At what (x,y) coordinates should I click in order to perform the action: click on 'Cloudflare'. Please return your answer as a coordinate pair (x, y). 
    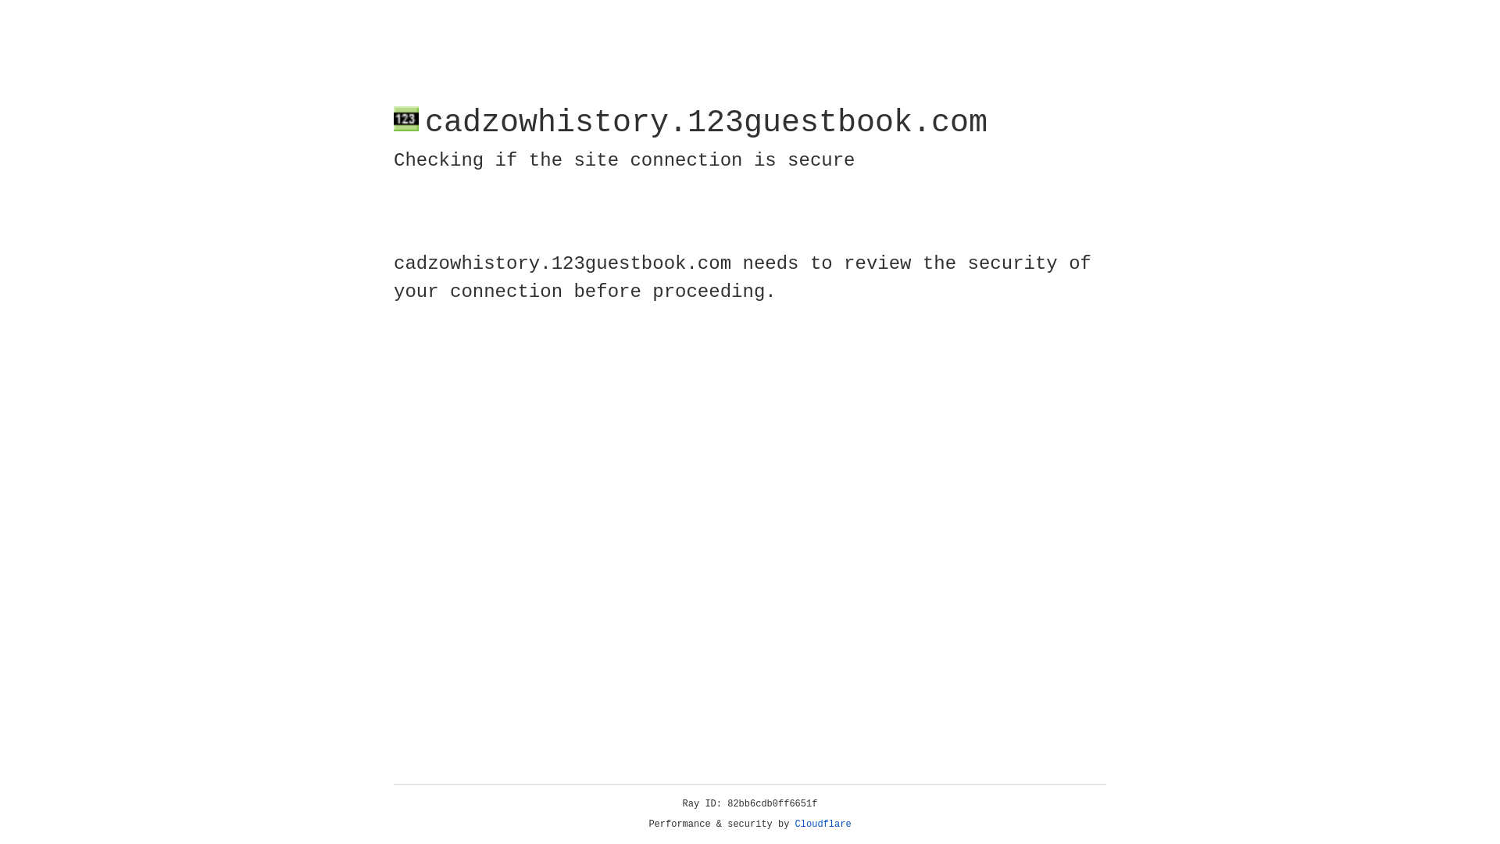
    Looking at the image, I should click on (823, 824).